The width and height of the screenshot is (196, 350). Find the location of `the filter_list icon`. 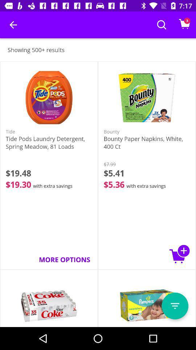

the filter_list icon is located at coordinates (175, 306).